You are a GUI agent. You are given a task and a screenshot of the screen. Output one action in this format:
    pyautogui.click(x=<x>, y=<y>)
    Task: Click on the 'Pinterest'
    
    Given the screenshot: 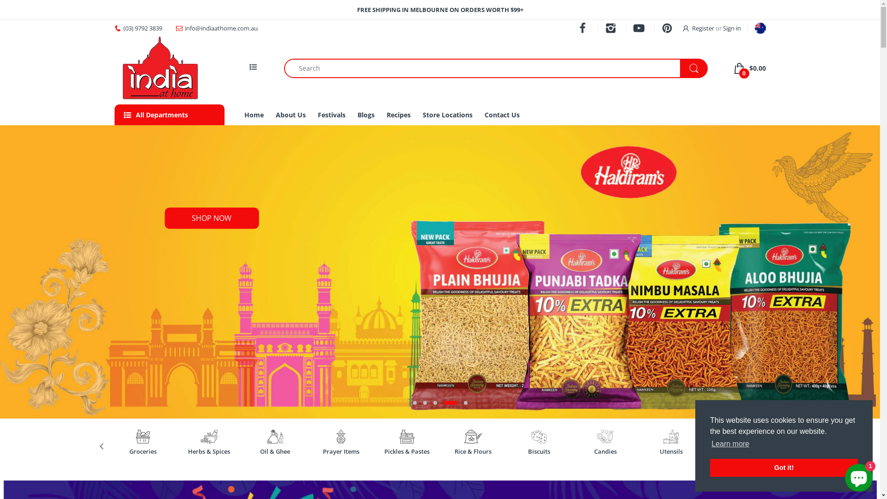 What is the action you would take?
    pyautogui.click(x=668, y=28)
    